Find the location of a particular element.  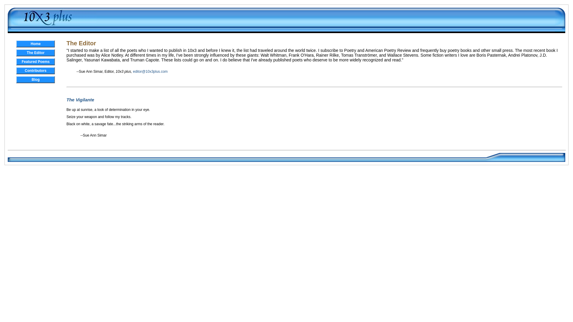

'The Editor' is located at coordinates (35, 52).